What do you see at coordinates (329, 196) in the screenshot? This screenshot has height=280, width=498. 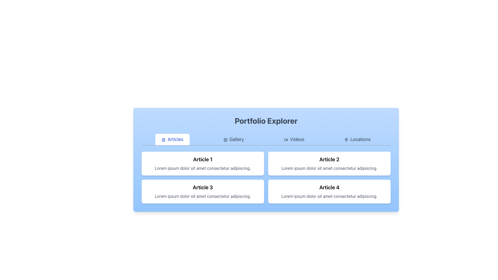 I see `the descriptive text label located beneath the heading 'Article 4' within the 'Article 4' card, which is the fourth card in a grid layout` at bounding box center [329, 196].